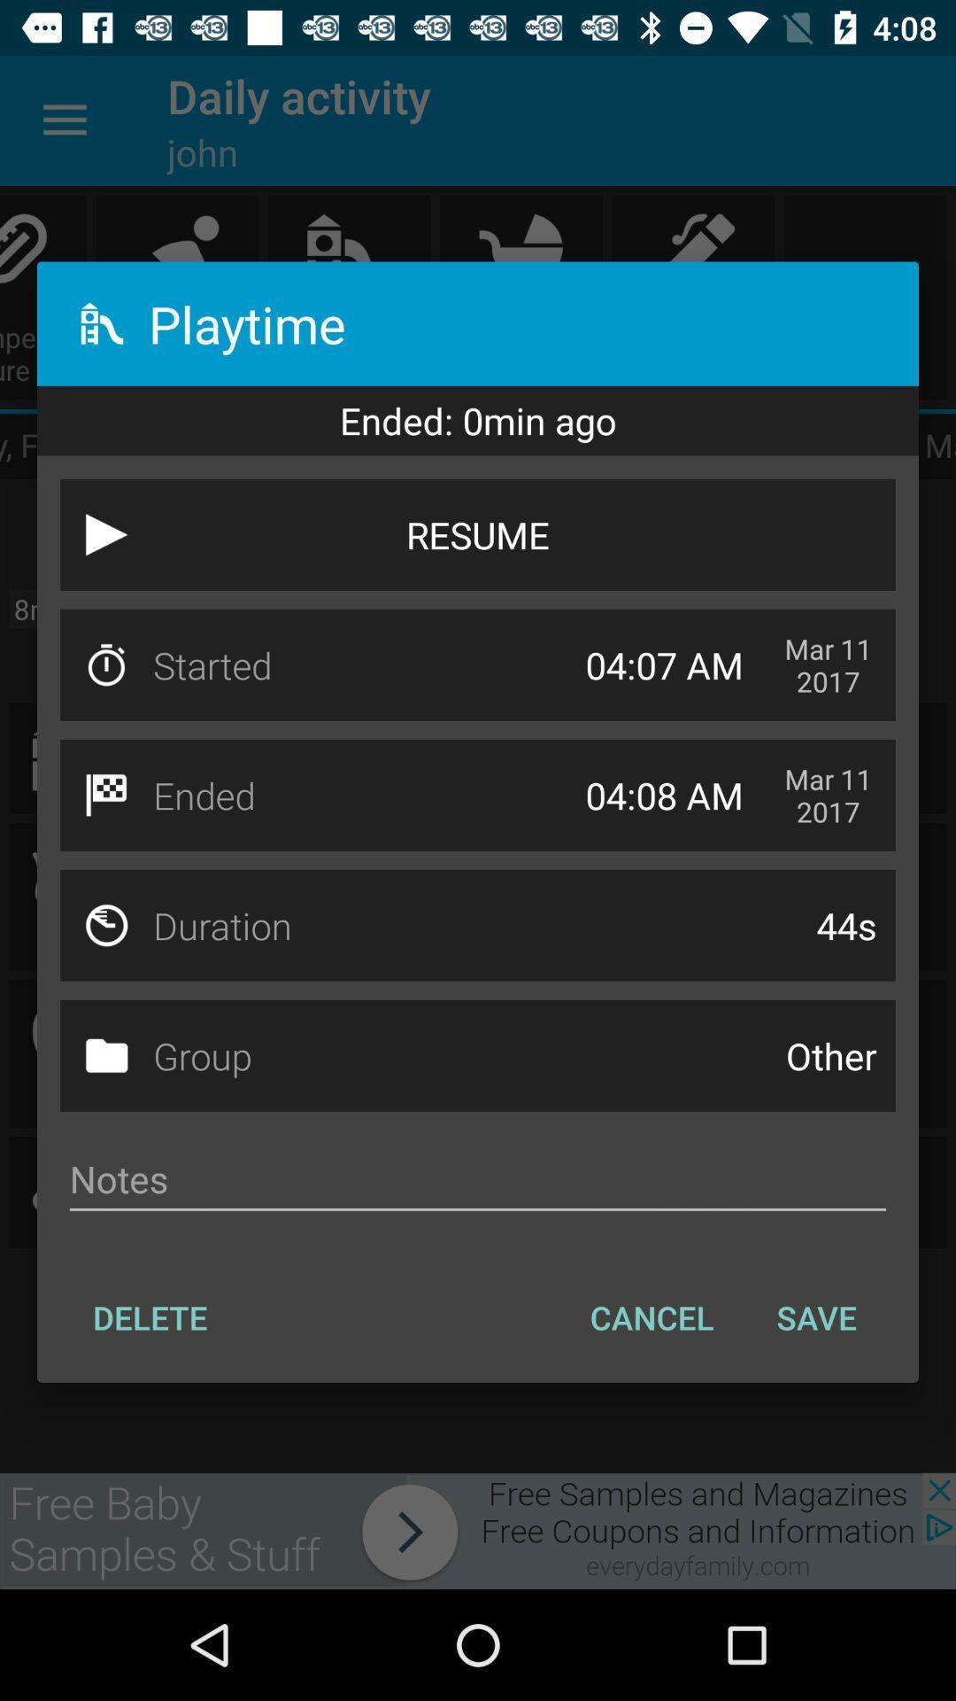 The image size is (956, 1701). What do you see at coordinates (816, 1317) in the screenshot?
I see `save icon` at bounding box center [816, 1317].